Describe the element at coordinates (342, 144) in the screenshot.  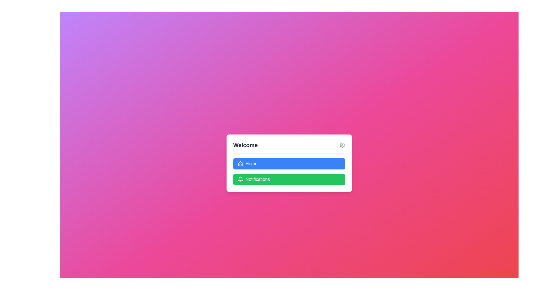
I see `the gear icon located at the top-right corner of the 'Welcome' card interface, which has a metallic outline and resembles a settings button` at that location.